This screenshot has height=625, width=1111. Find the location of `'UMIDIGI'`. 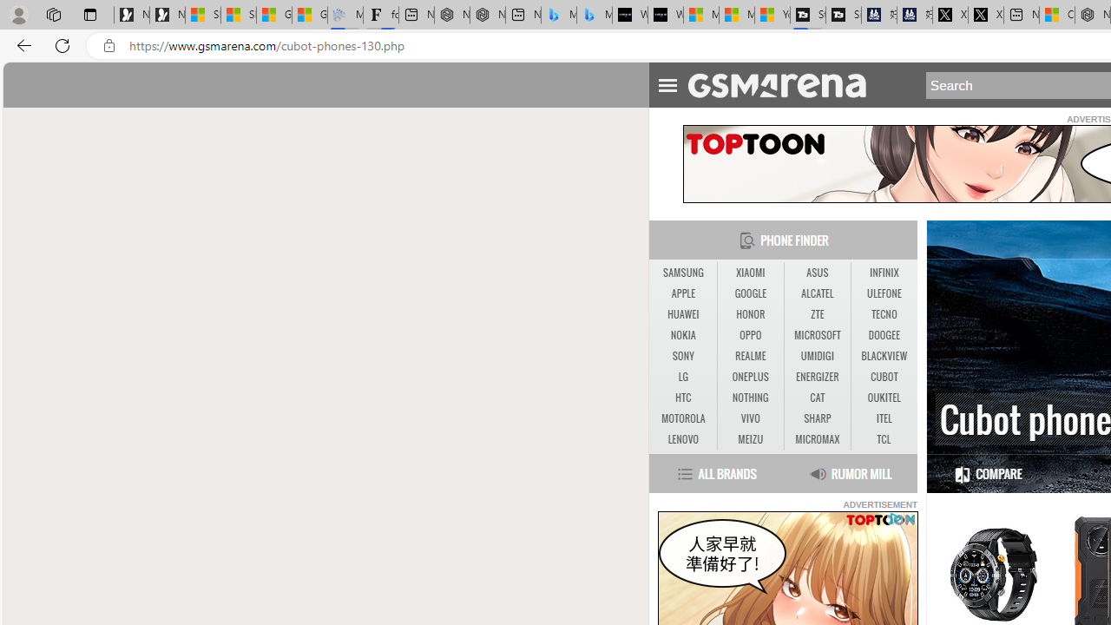

'UMIDIGI' is located at coordinates (817, 356).